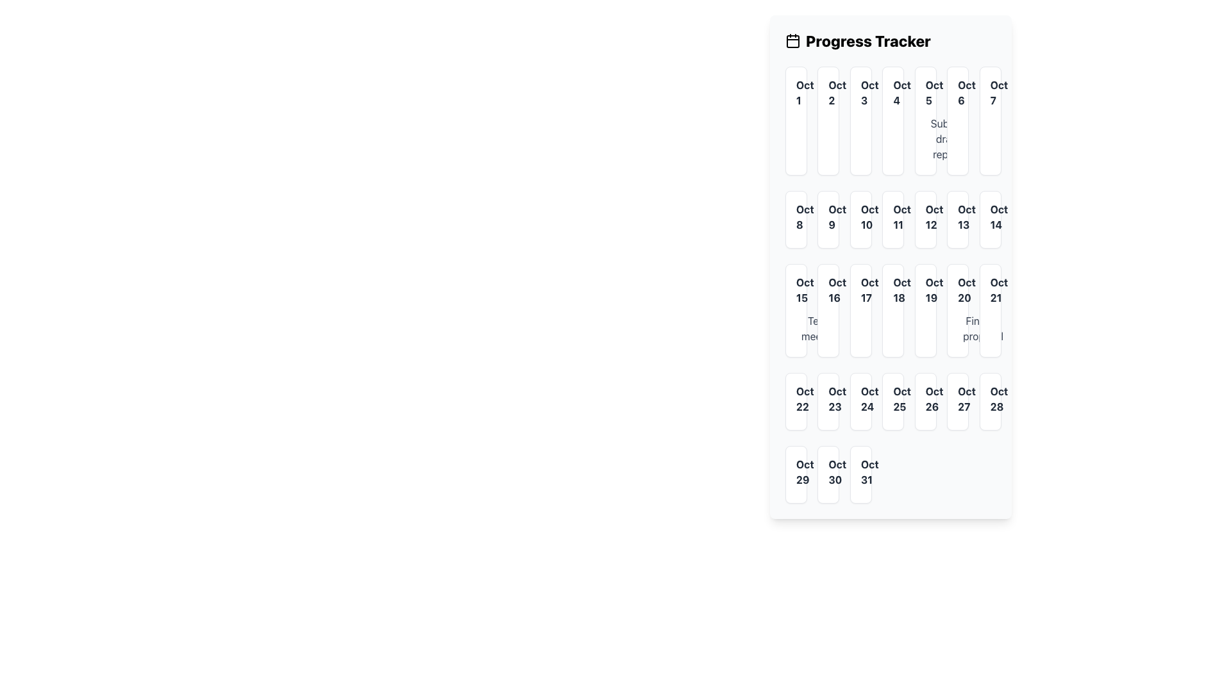 This screenshot has height=692, width=1231. Describe the element at coordinates (892, 401) in the screenshot. I see `the fifth Date display card in the bottom row of the grid layout` at that location.